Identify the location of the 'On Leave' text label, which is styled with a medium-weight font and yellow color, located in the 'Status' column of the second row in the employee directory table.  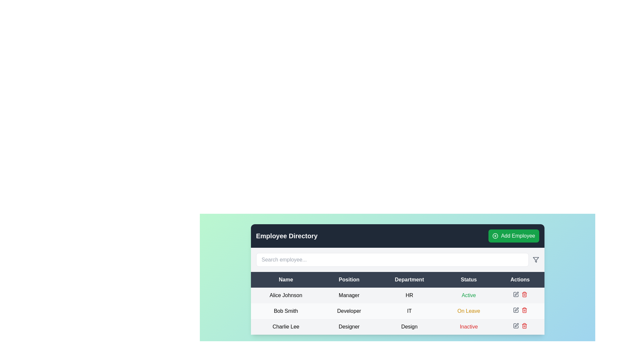
(468, 311).